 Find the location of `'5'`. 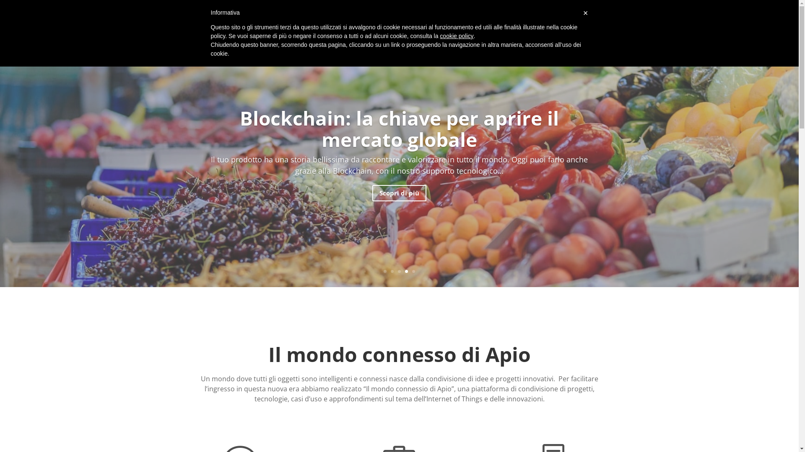

'5' is located at coordinates (413, 271).